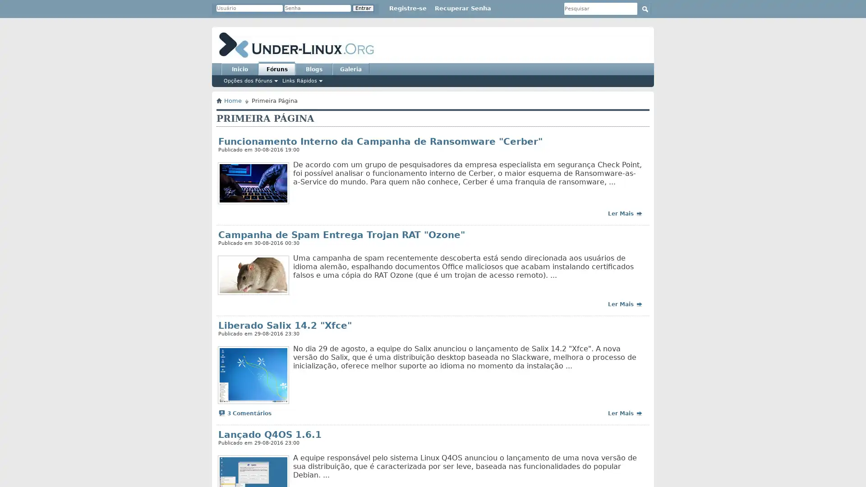 This screenshot has height=487, width=866. Describe the element at coordinates (363, 8) in the screenshot. I see `Entrar` at that location.